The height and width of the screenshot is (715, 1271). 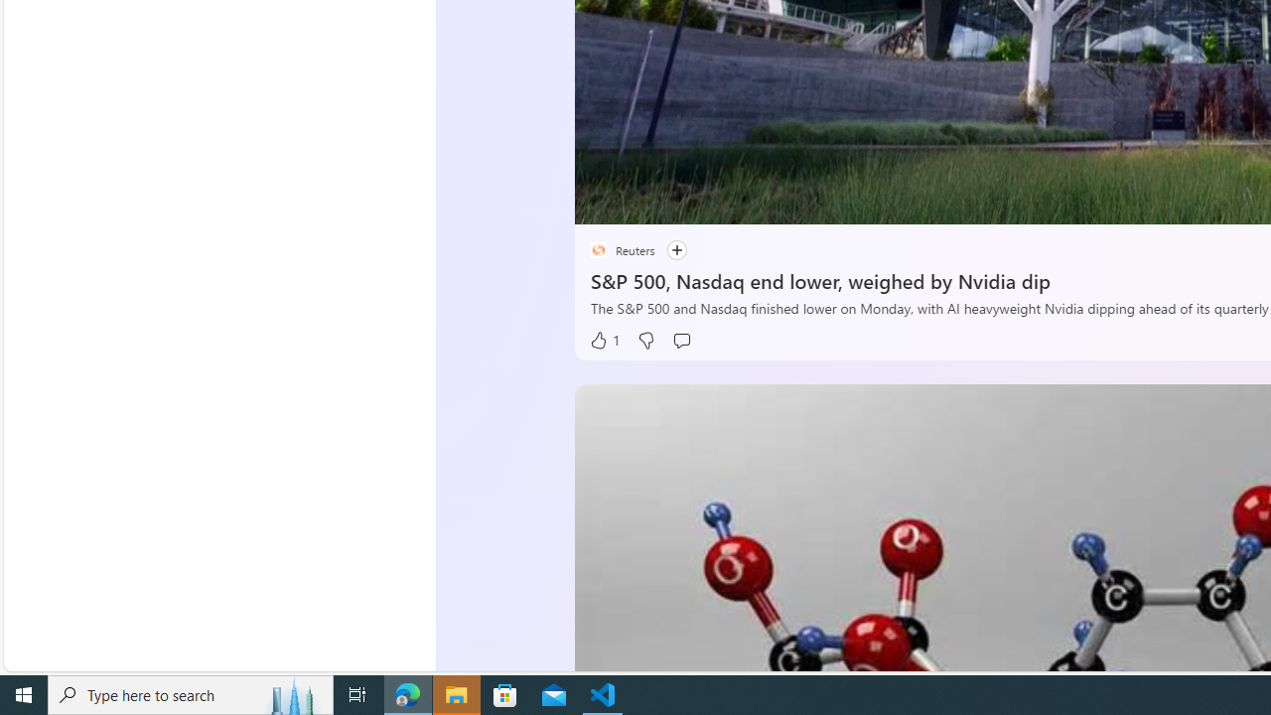 What do you see at coordinates (597, 249) in the screenshot?
I see `'placeholder'` at bounding box center [597, 249].